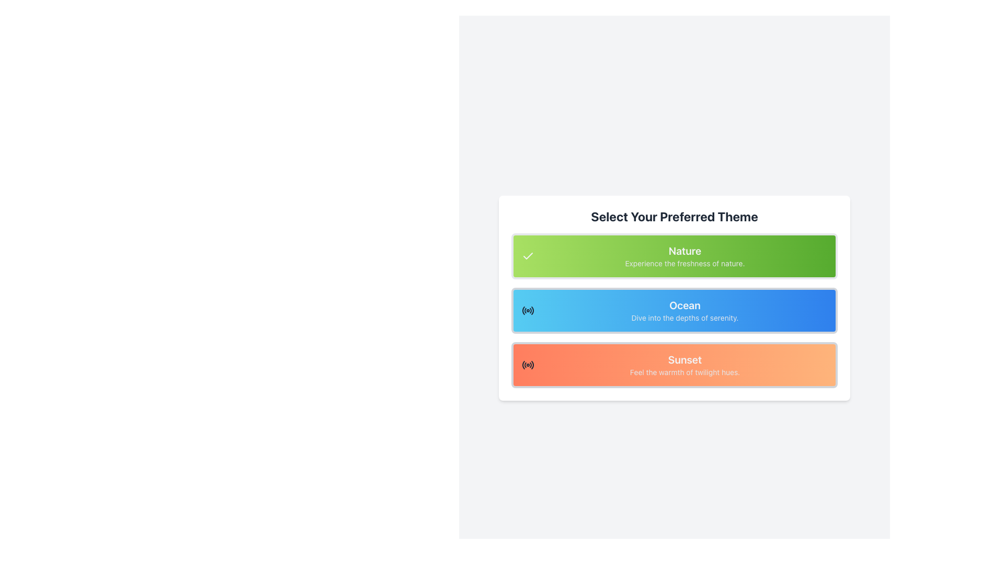 The height and width of the screenshot is (565, 1004). What do you see at coordinates (528, 365) in the screenshot?
I see `the circular icon with concentric waves located on the far left of the 'Sunset' card, which is the third card in the vertical list of themed selections` at bounding box center [528, 365].